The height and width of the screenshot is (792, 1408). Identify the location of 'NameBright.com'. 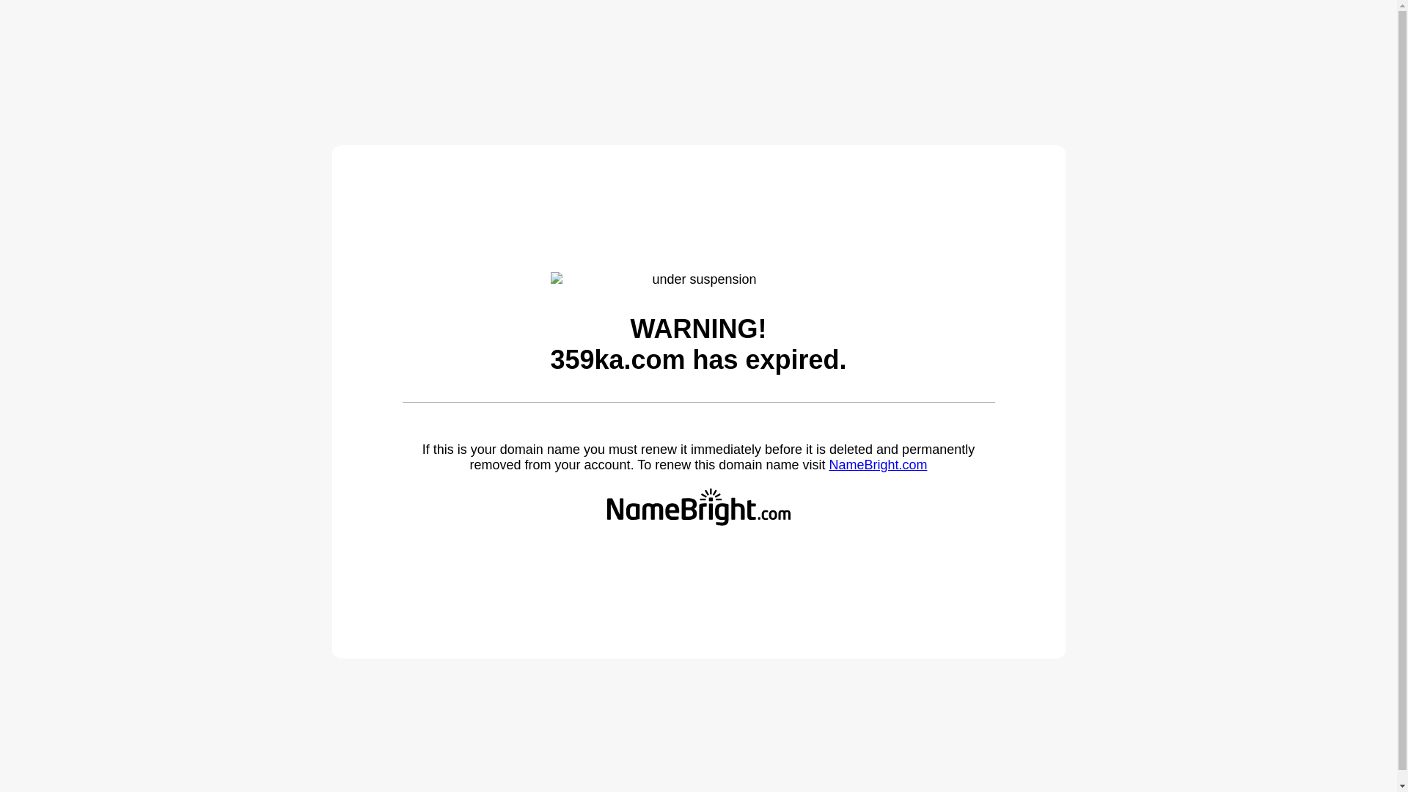
(828, 464).